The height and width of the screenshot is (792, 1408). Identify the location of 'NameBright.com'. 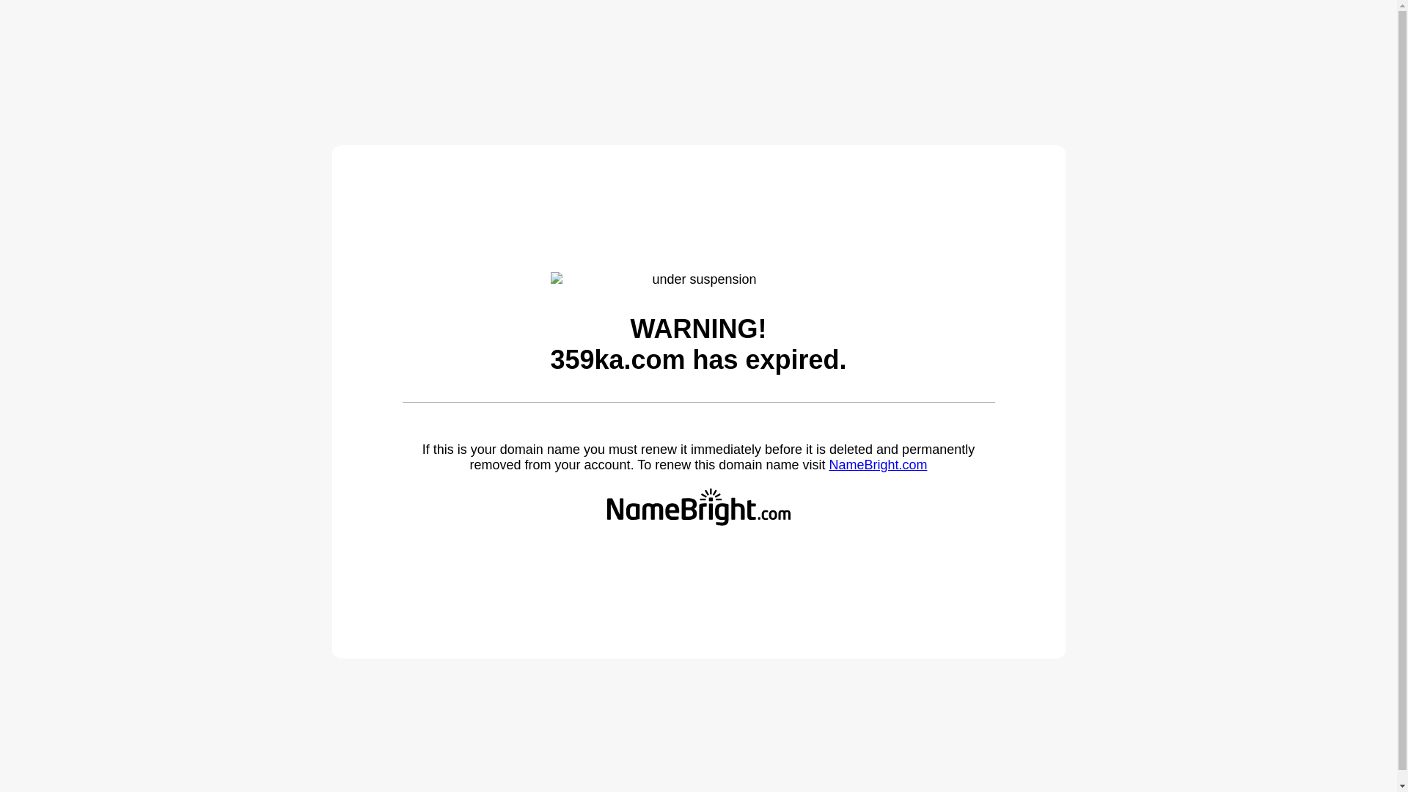
(828, 464).